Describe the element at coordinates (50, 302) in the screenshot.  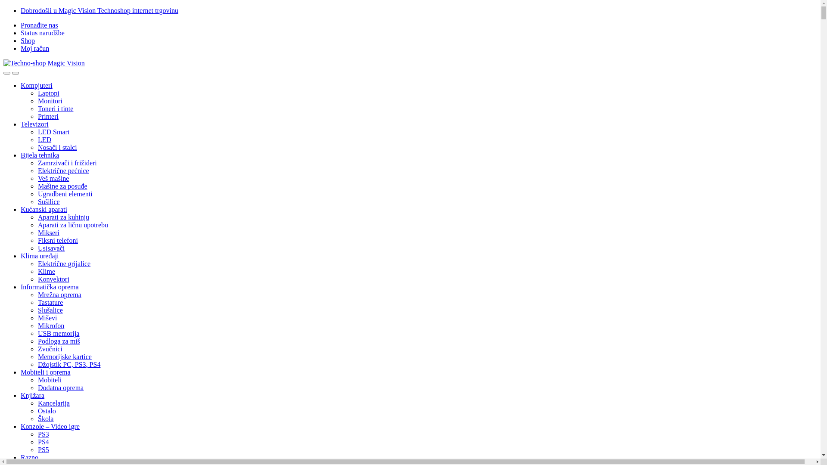
I see `'Tastature'` at that location.